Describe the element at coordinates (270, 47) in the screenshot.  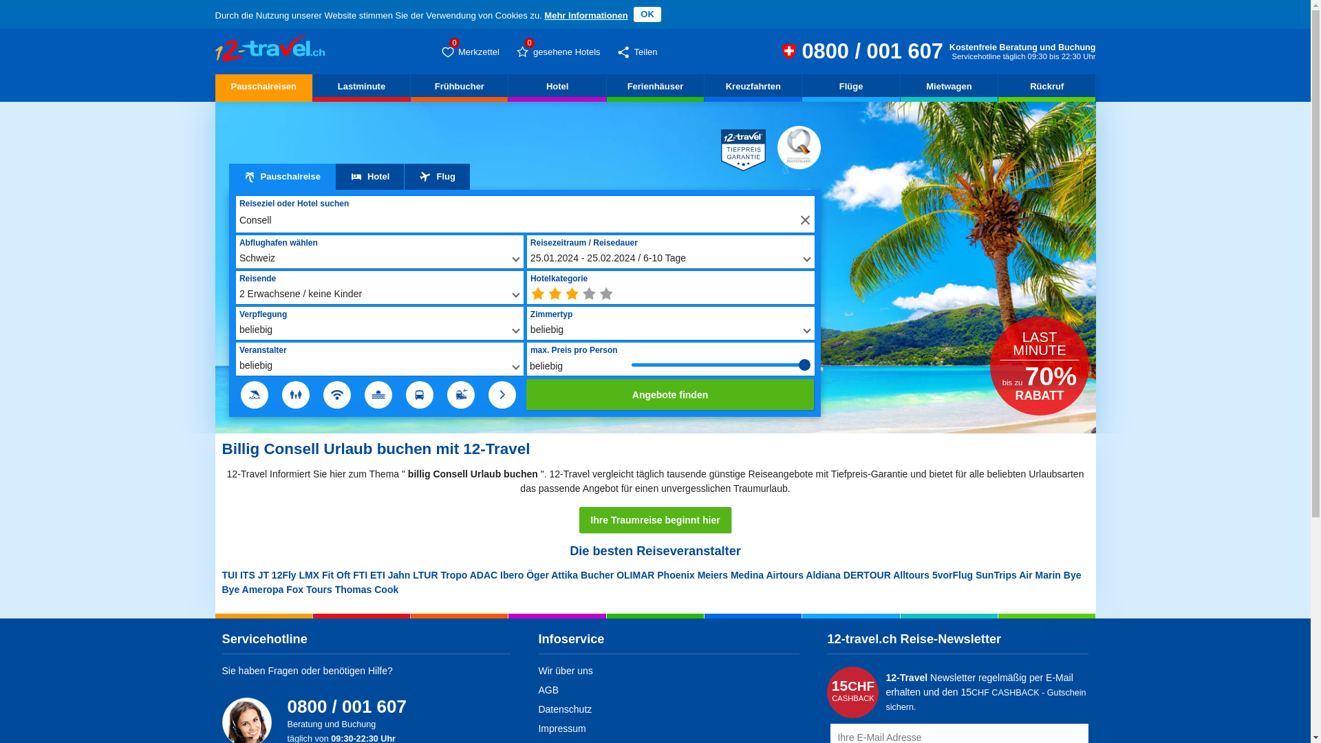
I see `'Billig Consell Urlaub buchen geht nur hier'` at that location.